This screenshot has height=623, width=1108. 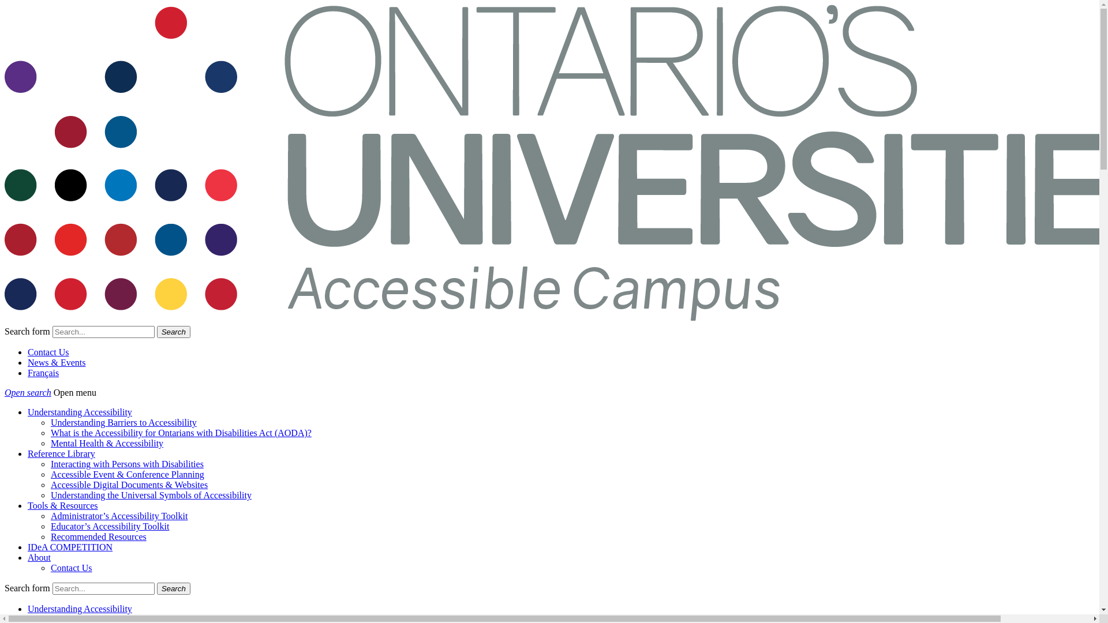 I want to click on 'Search', so click(x=173, y=588).